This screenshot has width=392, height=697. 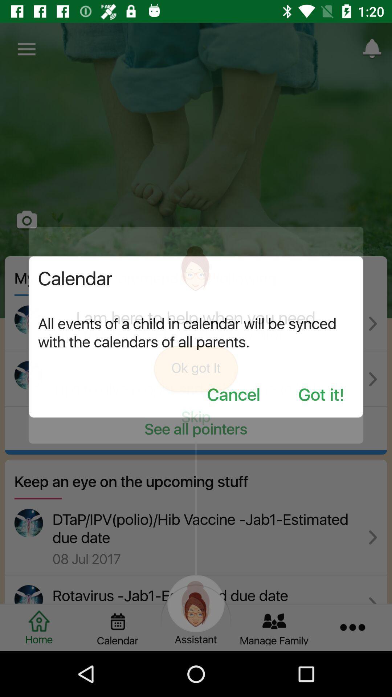 I want to click on the item next to the cancel, so click(x=321, y=395).